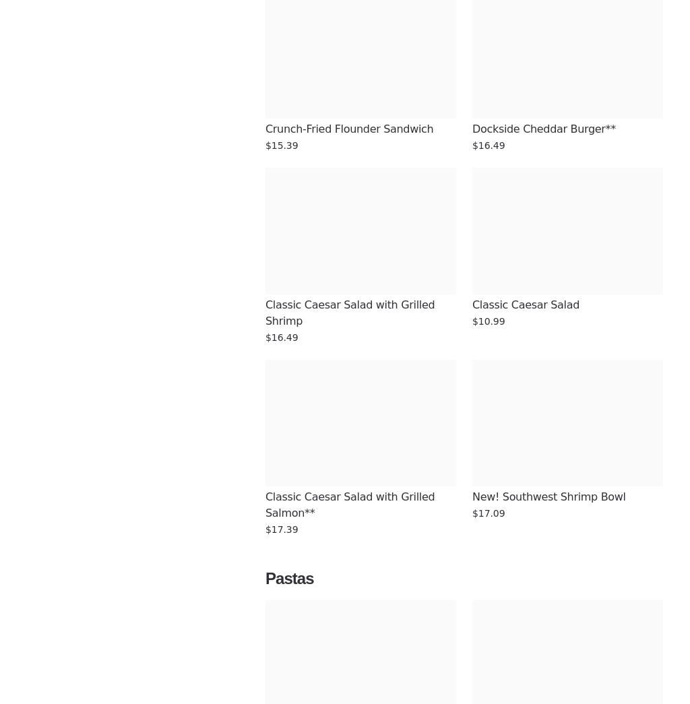 Image resolution: width=690 pixels, height=704 pixels. Describe the element at coordinates (352, 313) in the screenshot. I see `'Classic Caesar Salad with Grilled Shrimp'` at that location.